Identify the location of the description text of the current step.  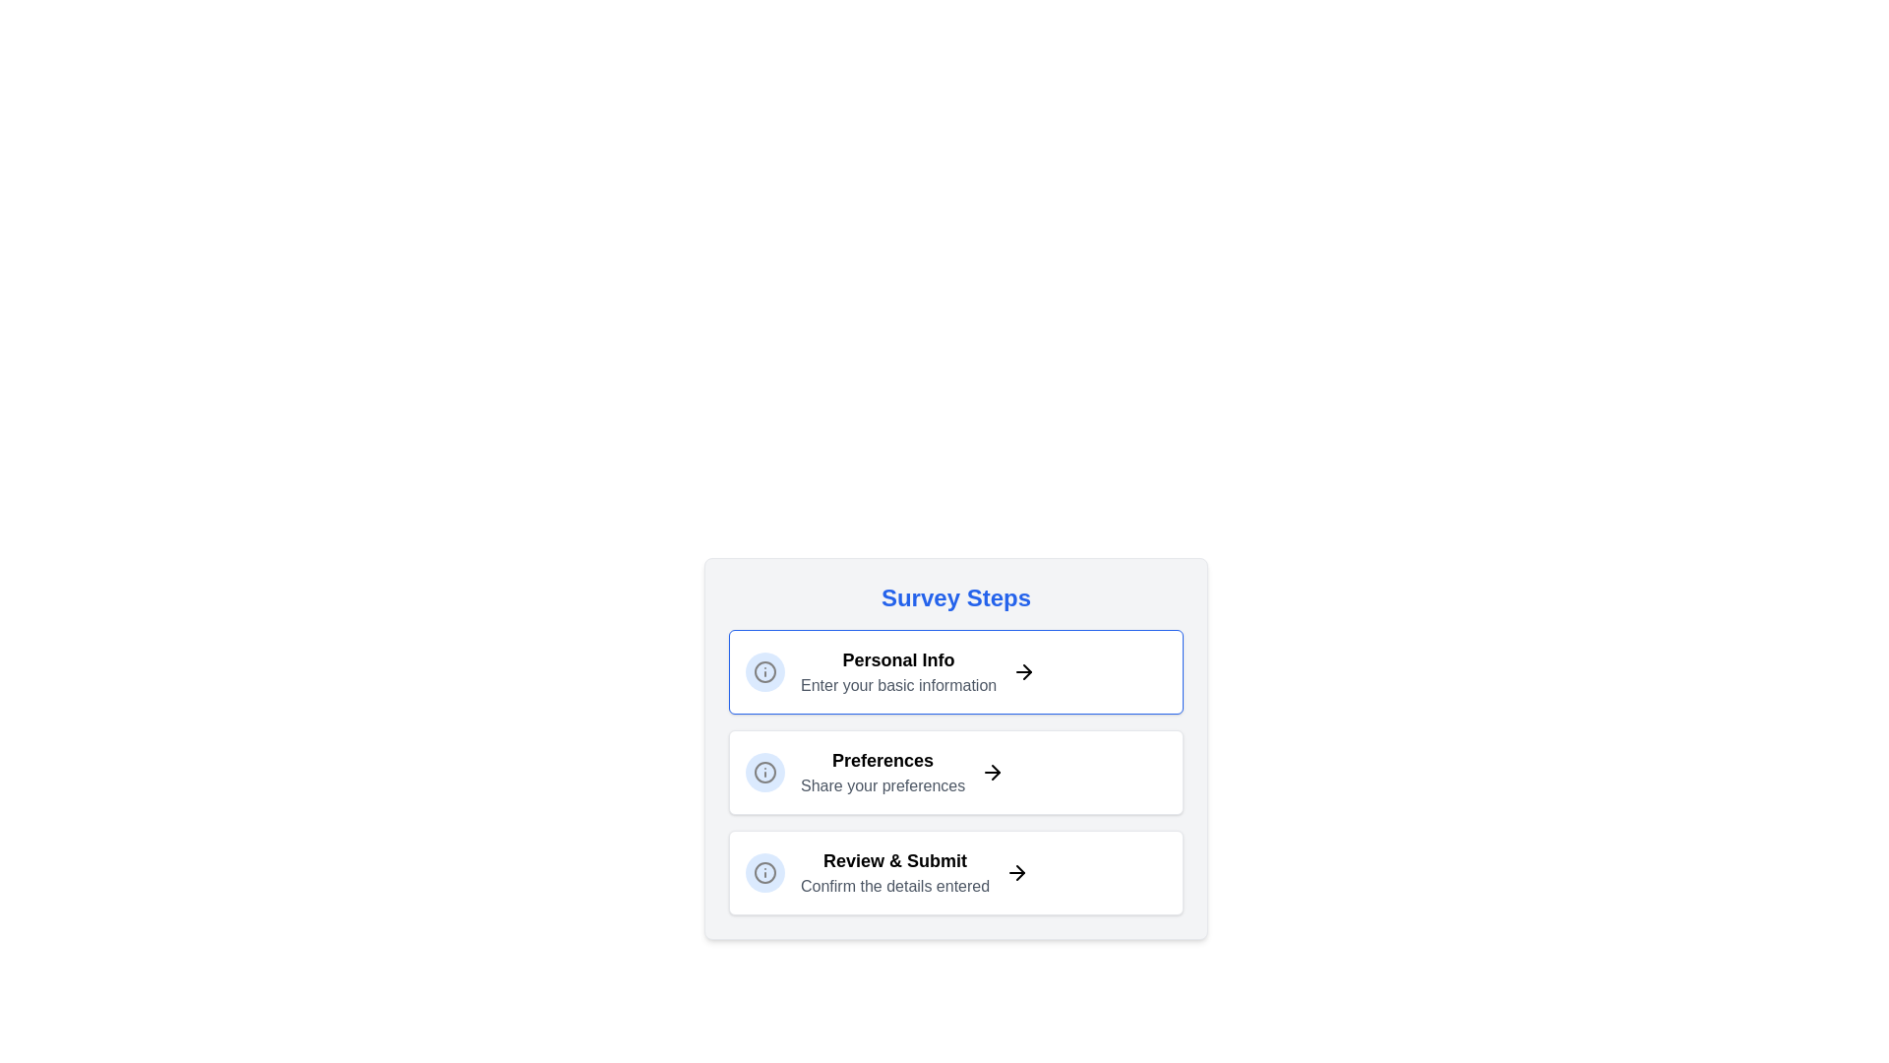
(897, 670).